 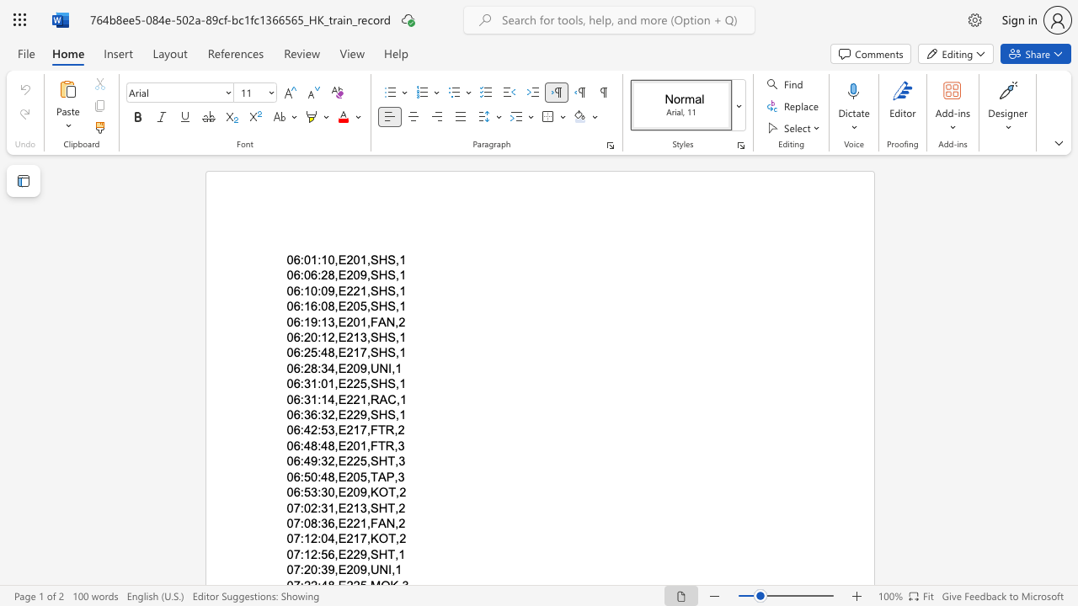 What do you see at coordinates (386, 507) in the screenshot?
I see `the space between the continuous character "H" and "T" in the text` at bounding box center [386, 507].